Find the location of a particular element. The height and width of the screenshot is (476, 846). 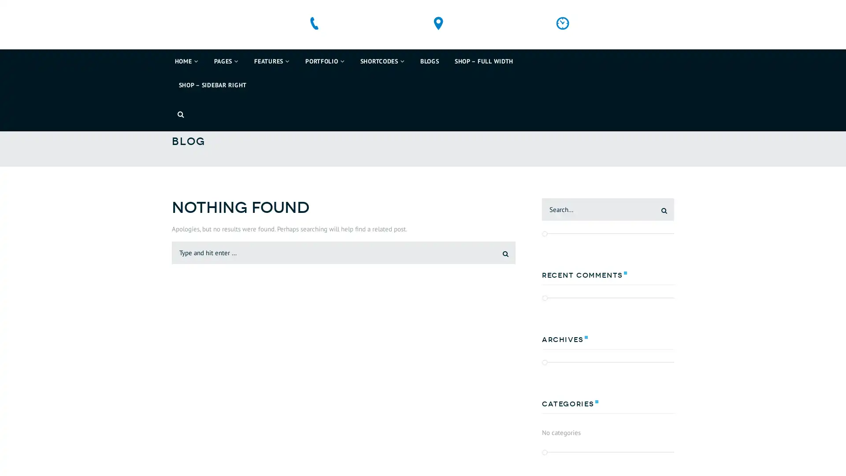

Search is located at coordinates (657, 229).